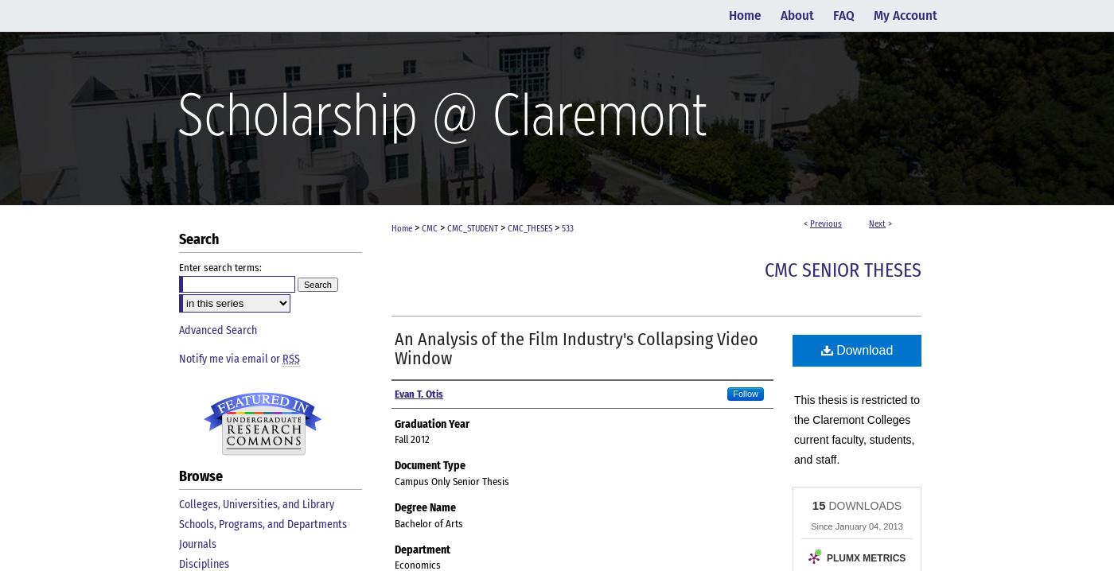 The image size is (1114, 571). Describe the element at coordinates (576, 348) in the screenshot. I see `'An Analysis of the Film Industry's Collapsing Video Window'` at that location.